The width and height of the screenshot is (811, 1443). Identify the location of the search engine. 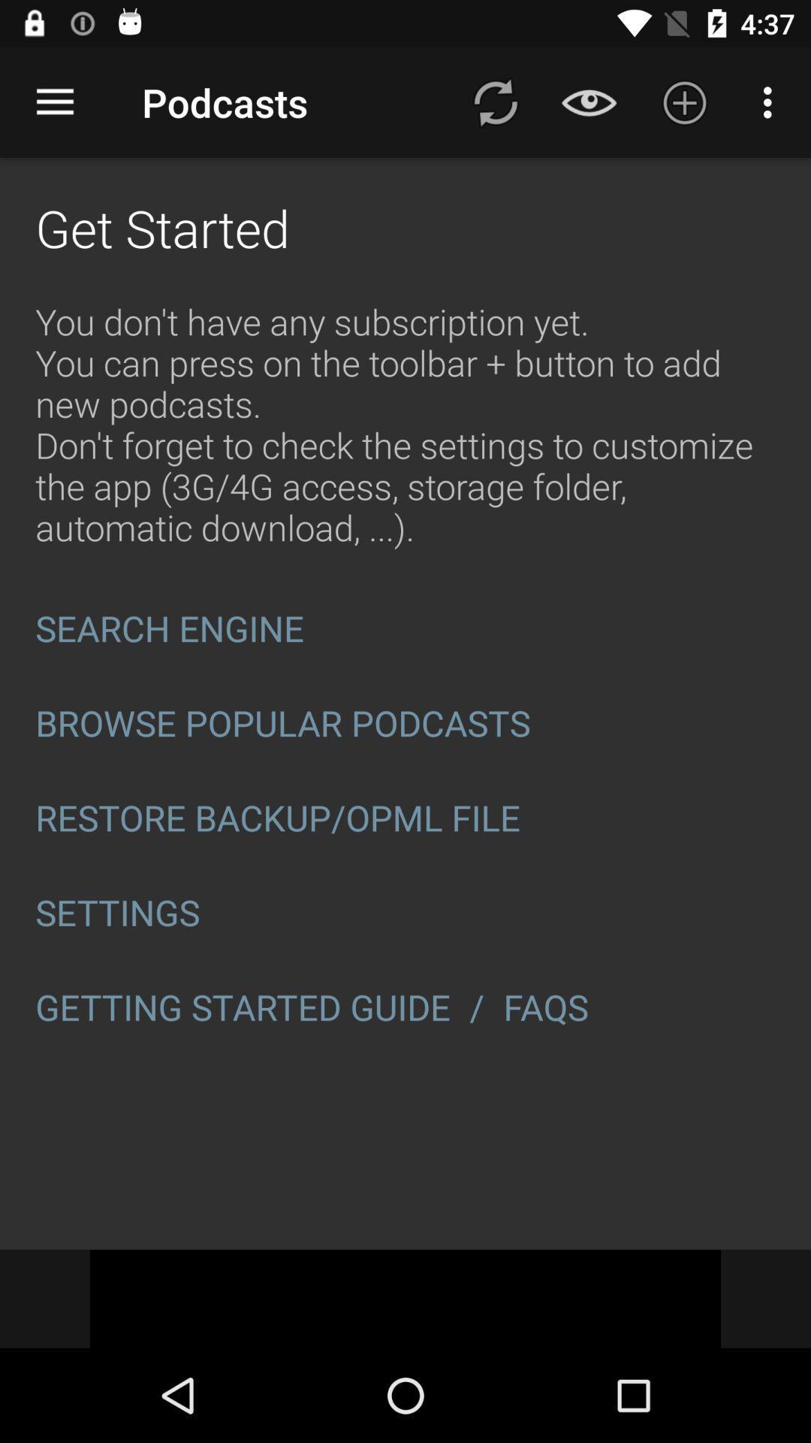
(405, 628).